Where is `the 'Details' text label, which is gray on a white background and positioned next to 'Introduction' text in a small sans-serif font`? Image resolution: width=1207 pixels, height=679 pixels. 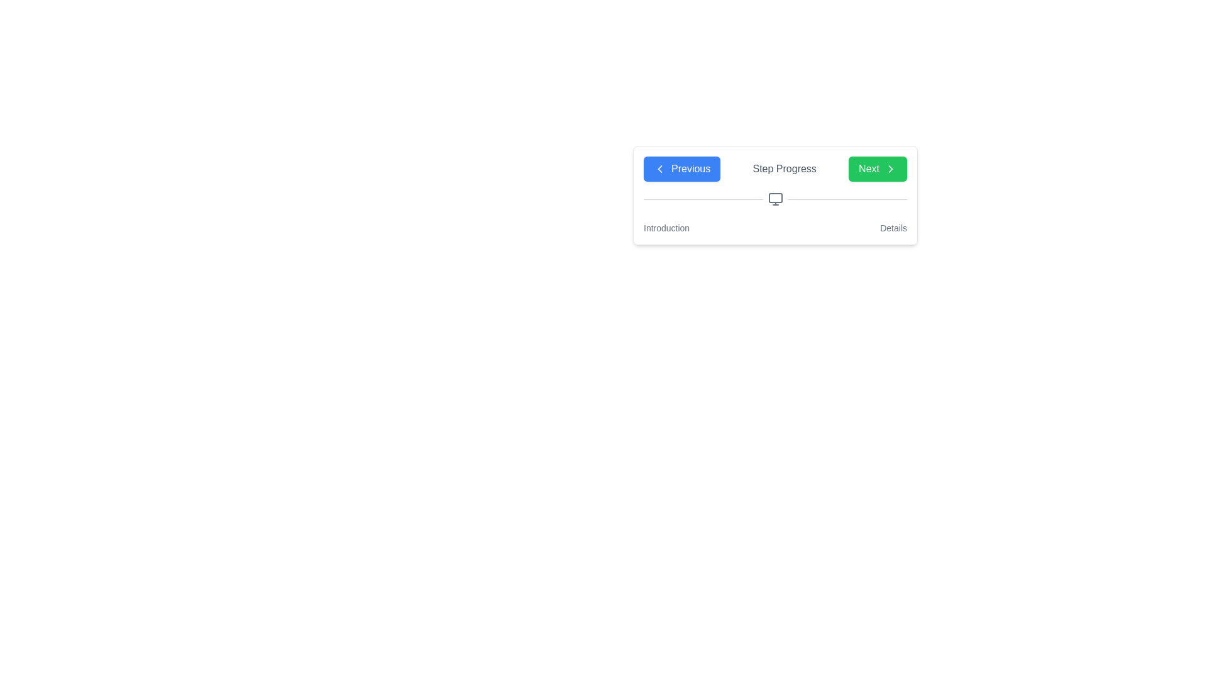 the 'Details' text label, which is gray on a white background and positioned next to 'Introduction' text in a small sans-serif font is located at coordinates (893, 228).